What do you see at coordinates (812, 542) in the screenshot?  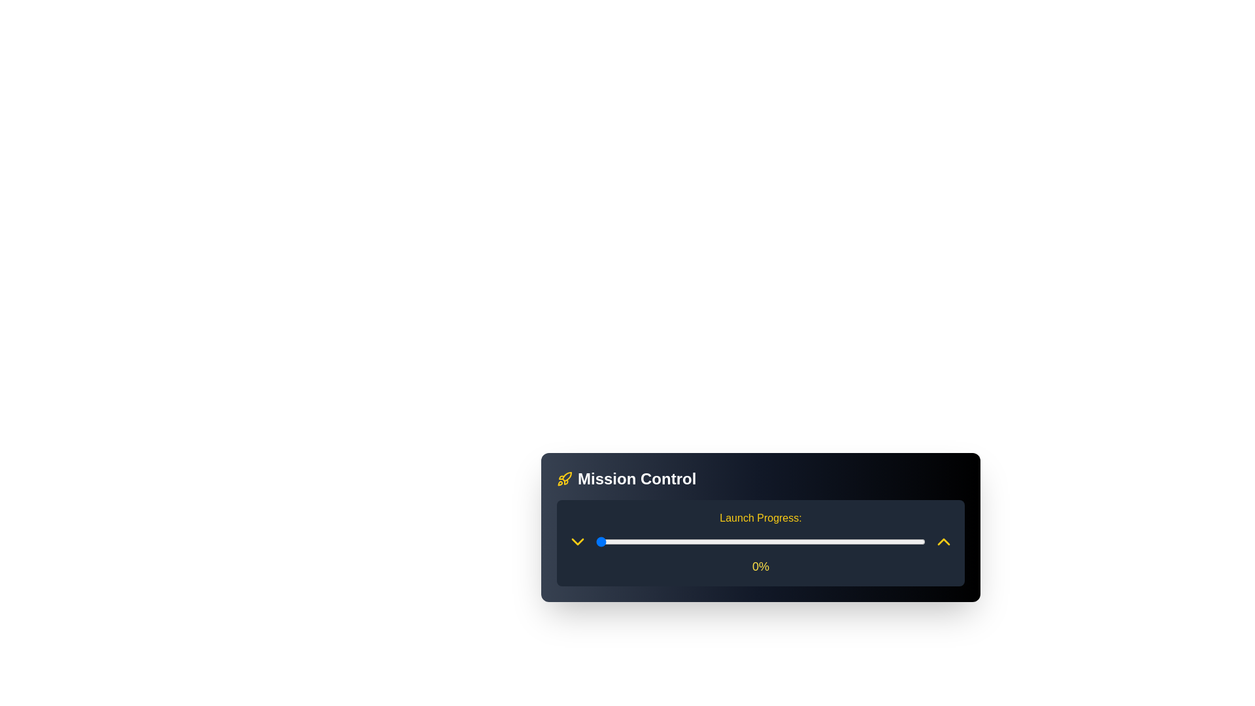 I see `the slider to set the launch progress to 66%` at bounding box center [812, 542].